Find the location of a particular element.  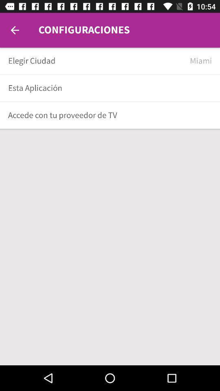

item to the right of elegir ciudad is located at coordinates (200, 60).